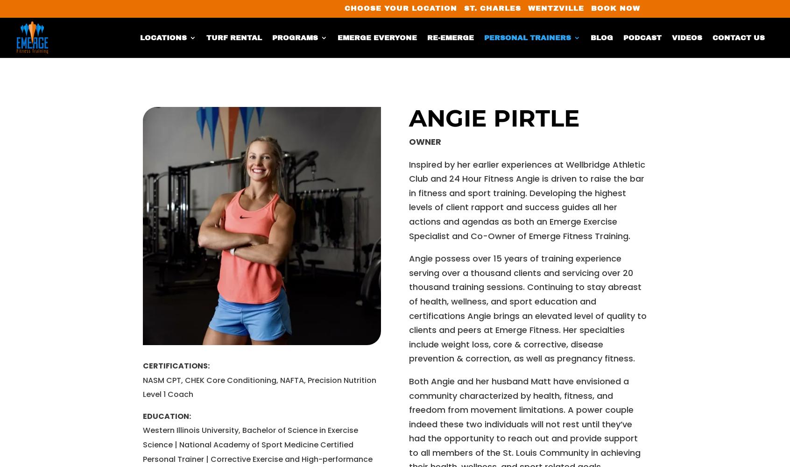 This screenshot has width=790, height=467. I want to click on 'STEPHEN SIMMONS', so click(522, 392).